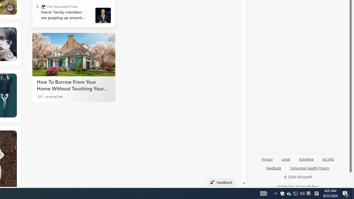 The image size is (354, 199). Describe the element at coordinates (306, 159) in the screenshot. I see `'Advertise'` at that location.